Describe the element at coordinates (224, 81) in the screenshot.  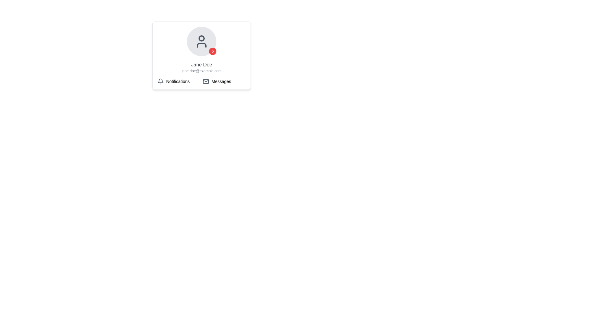
I see `the Action link/button located in the second column of the grid layout, directly to the right of the Notifications section` at that location.